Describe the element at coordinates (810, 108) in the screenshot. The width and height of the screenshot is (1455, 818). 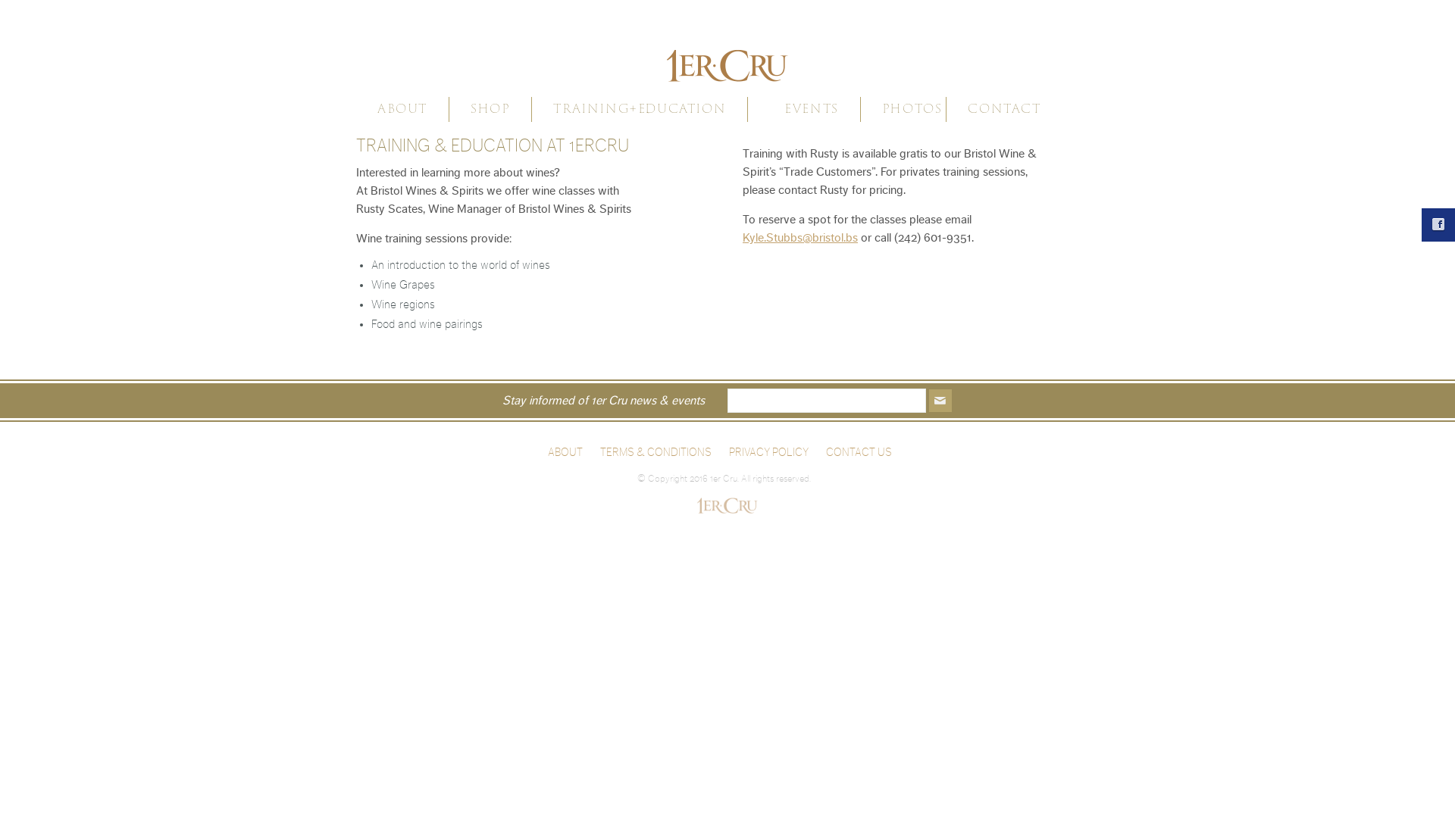
I see `'EVENTS'` at that location.